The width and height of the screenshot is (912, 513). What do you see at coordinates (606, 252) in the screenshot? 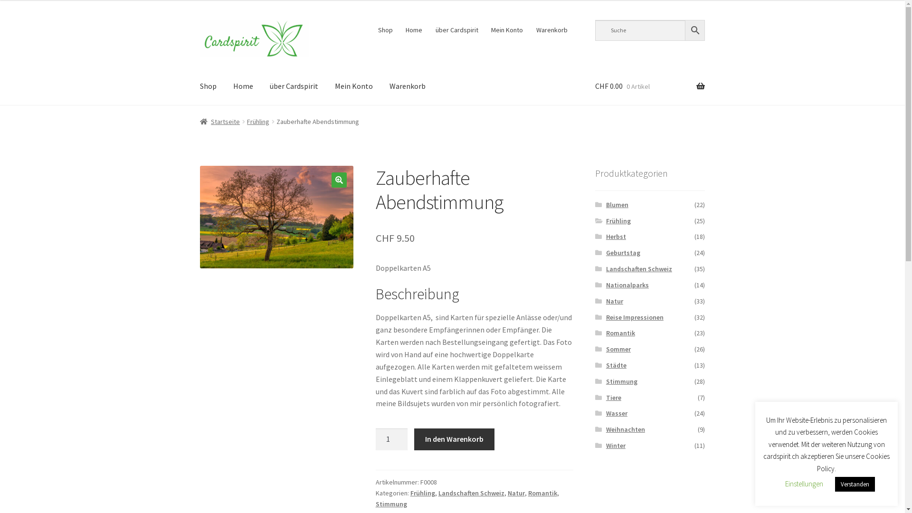
I see `'Geburtstag'` at bounding box center [606, 252].